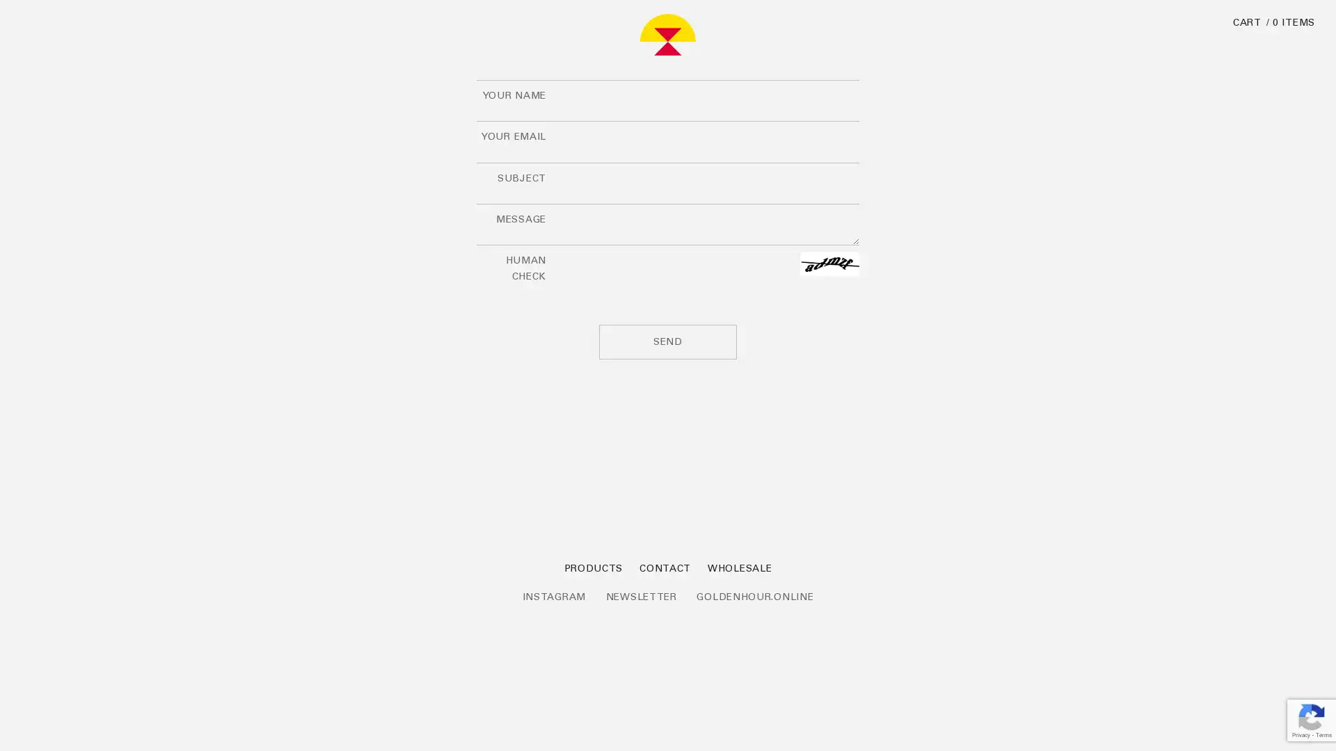  What do you see at coordinates (668, 341) in the screenshot?
I see `SEND` at bounding box center [668, 341].